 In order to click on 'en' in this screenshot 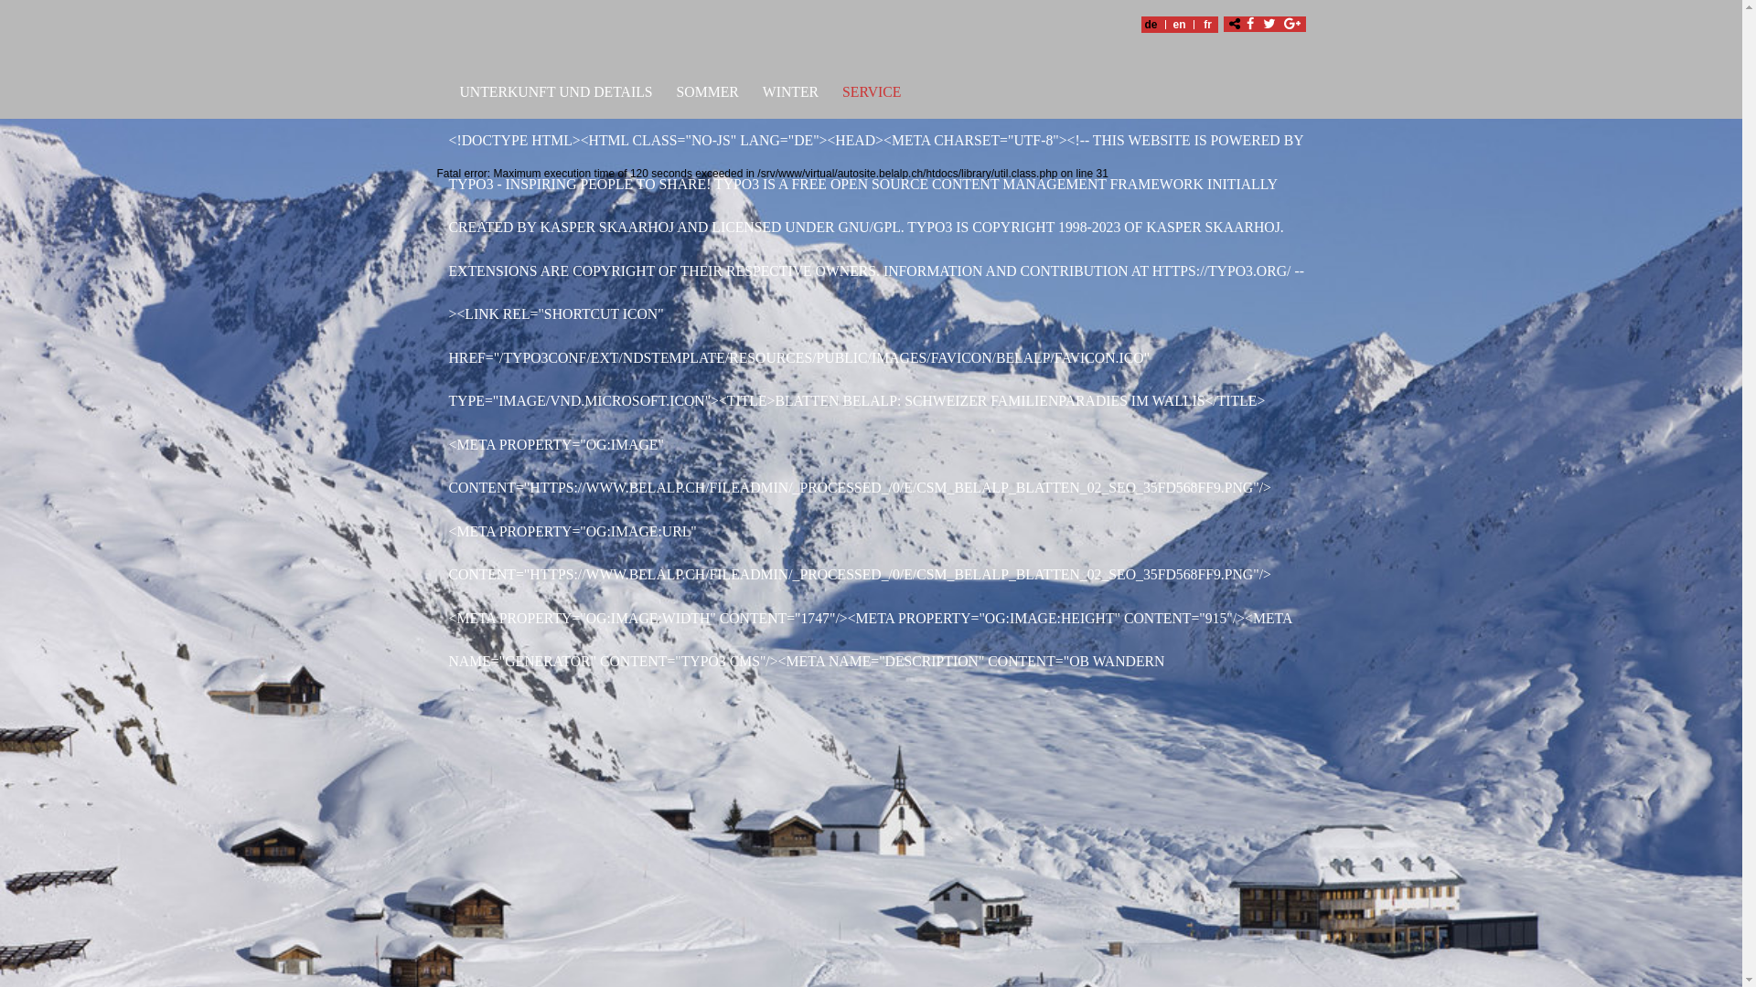, I will do `click(1179, 24)`.